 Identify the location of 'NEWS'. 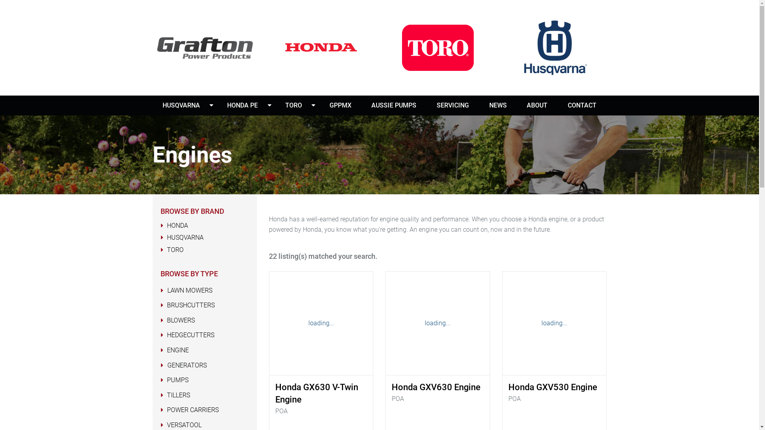
(497, 105).